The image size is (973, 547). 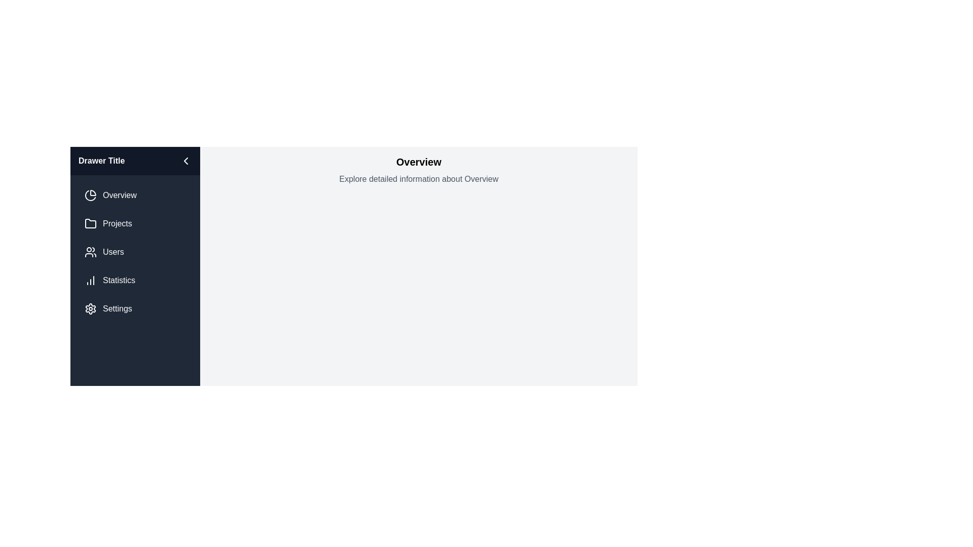 What do you see at coordinates (185, 160) in the screenshot?
I see `the Chevron button to toggle the drawer's visibility` at bounding box center [185, 160].